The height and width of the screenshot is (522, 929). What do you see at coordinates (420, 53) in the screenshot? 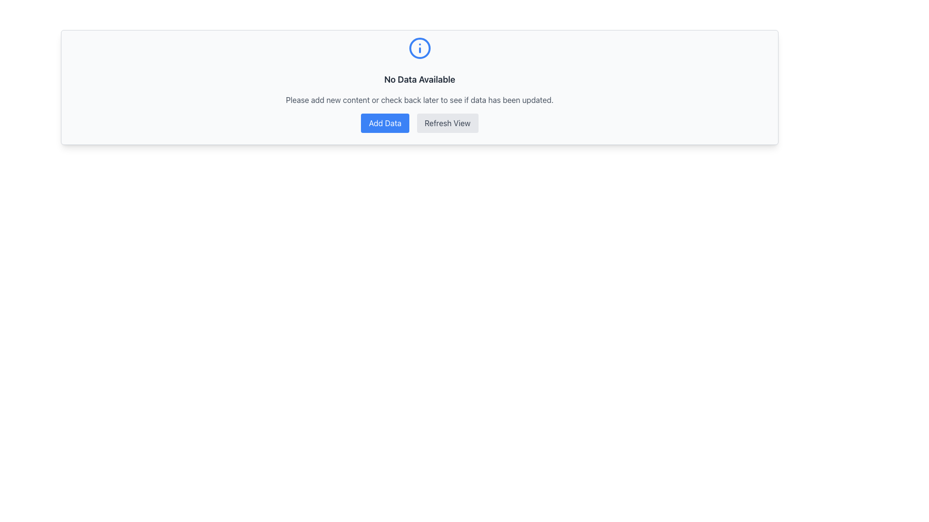
I see `the informational icon located at the top-center of the central content section, directly above the text 'No Data Available', to get more information` at bounding box center [420, 53].